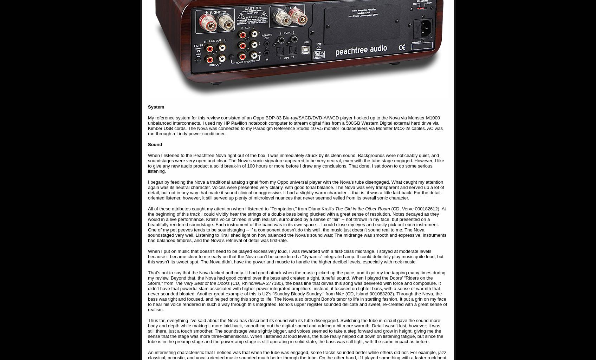 The width and height of the screenshot is (596, 360). I want to click on 'That’s not to say that the Nova lacked authority. It
            had good attack when the music picked up the pace, and it got my toe tapping many times
            during my review. Beyond that, the Nova had good control over the bass and created a
            tight, tuneful sound. When I played the Doors’ "Riders on the Storm," from', so click(296, 278).